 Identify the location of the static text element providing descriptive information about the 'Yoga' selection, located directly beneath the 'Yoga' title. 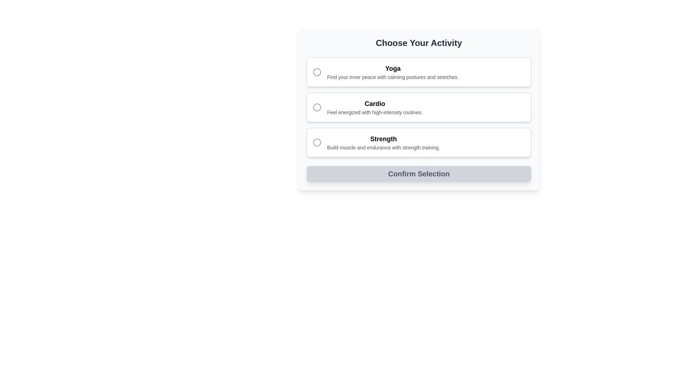
(392, 77).